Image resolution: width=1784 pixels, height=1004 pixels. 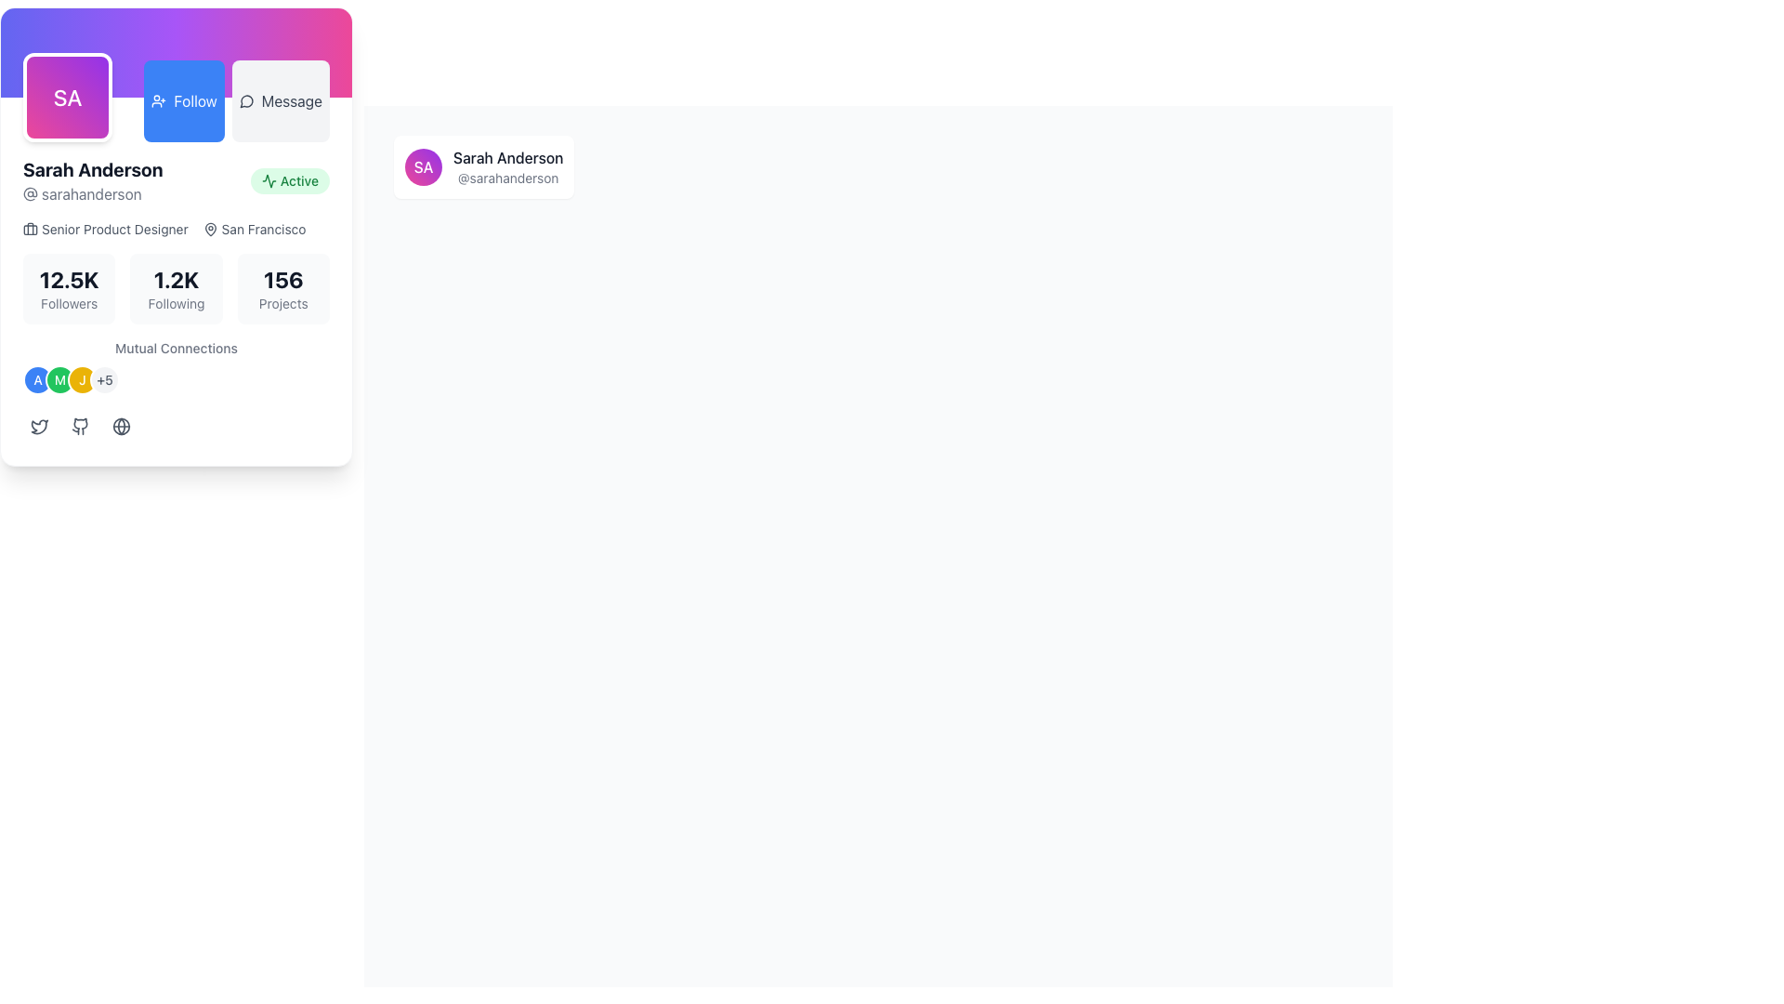 What do you see at coordinates (38, 378) in the screenshot?
I see `the Avatar or User Icon` at bounding box center [38, 378].